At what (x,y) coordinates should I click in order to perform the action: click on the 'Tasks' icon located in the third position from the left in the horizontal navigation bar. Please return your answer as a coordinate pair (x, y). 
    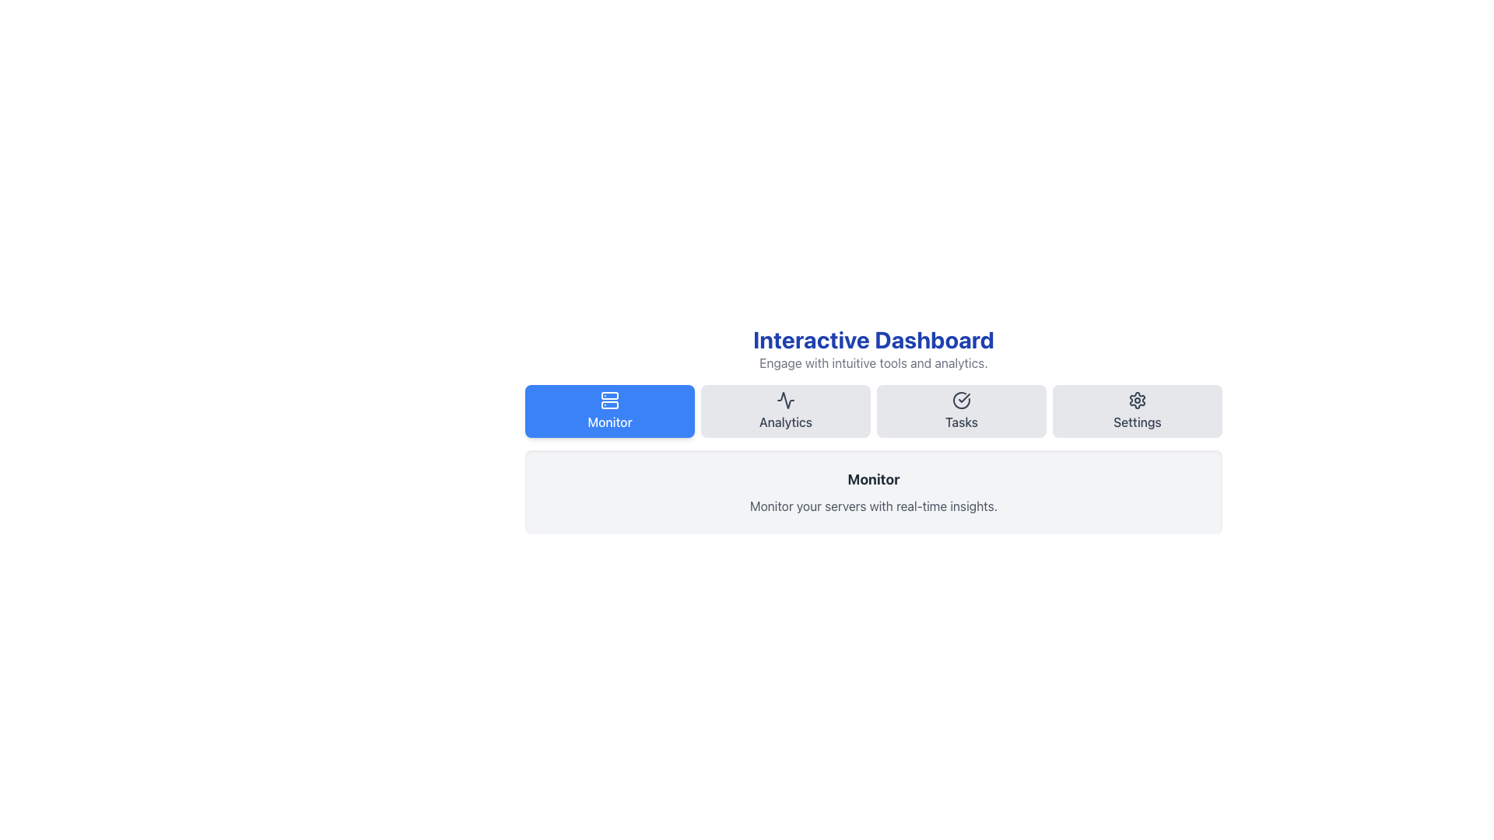
    Looking at the image, I should click on (961, 400).